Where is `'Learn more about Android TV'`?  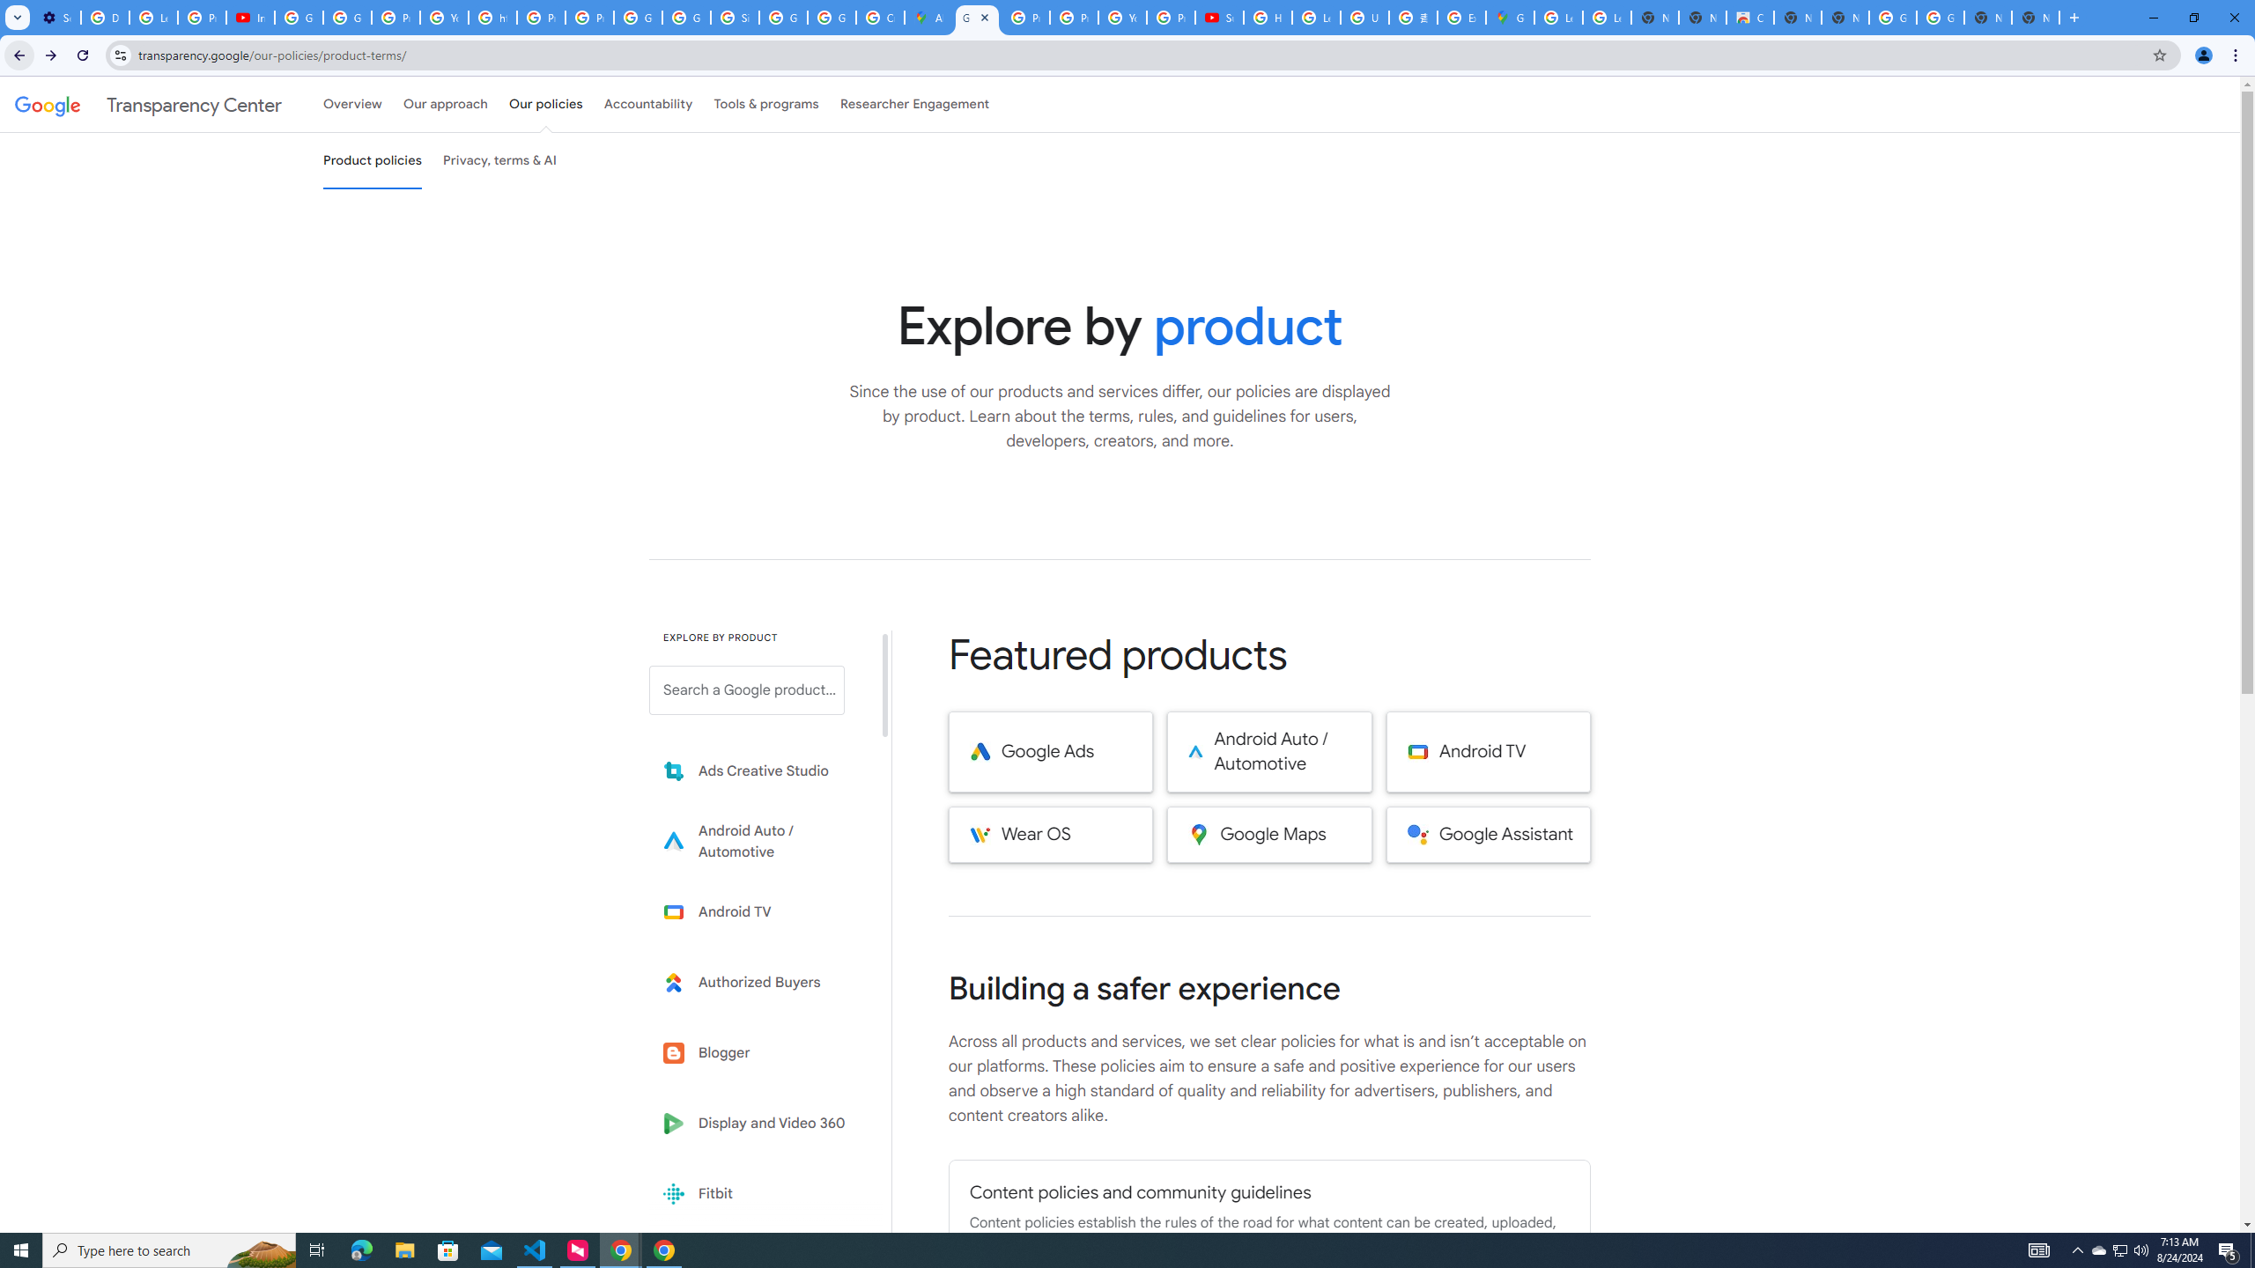 'Learn more about Android TV' is located at coordinates (758, 911).